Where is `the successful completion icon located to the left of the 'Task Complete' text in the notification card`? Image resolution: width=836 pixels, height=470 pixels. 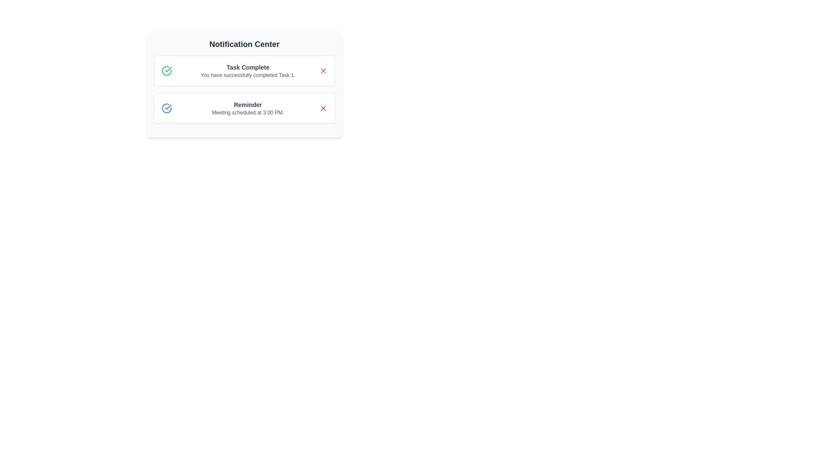
the successful completion icon located to the left of the 'Task Complete' text in the notification card is located at coordinates (168, 69).